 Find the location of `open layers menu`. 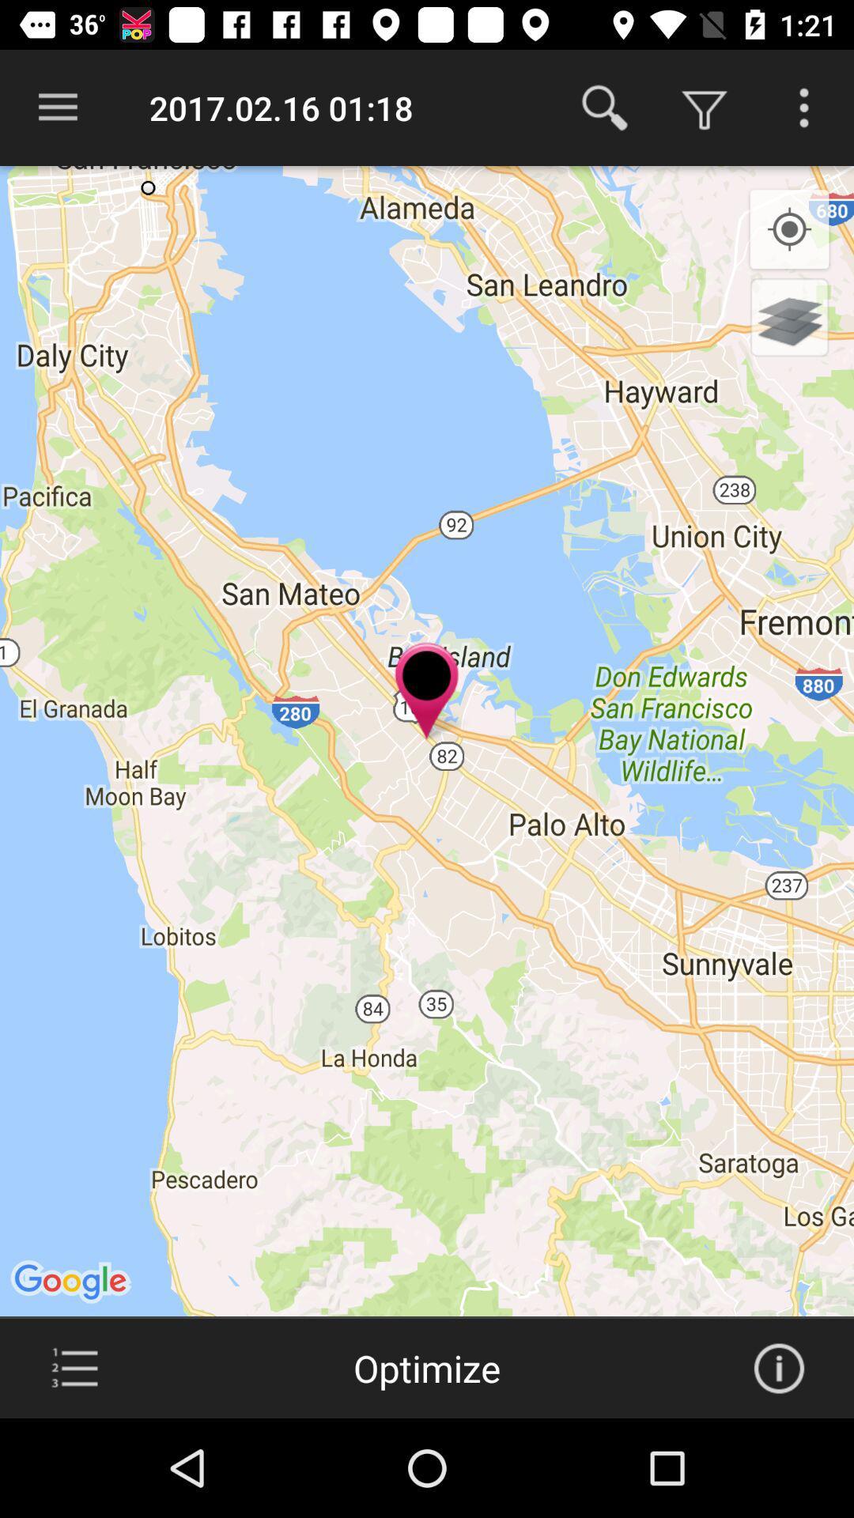

open layers menu is located at coordinates (789, 316).